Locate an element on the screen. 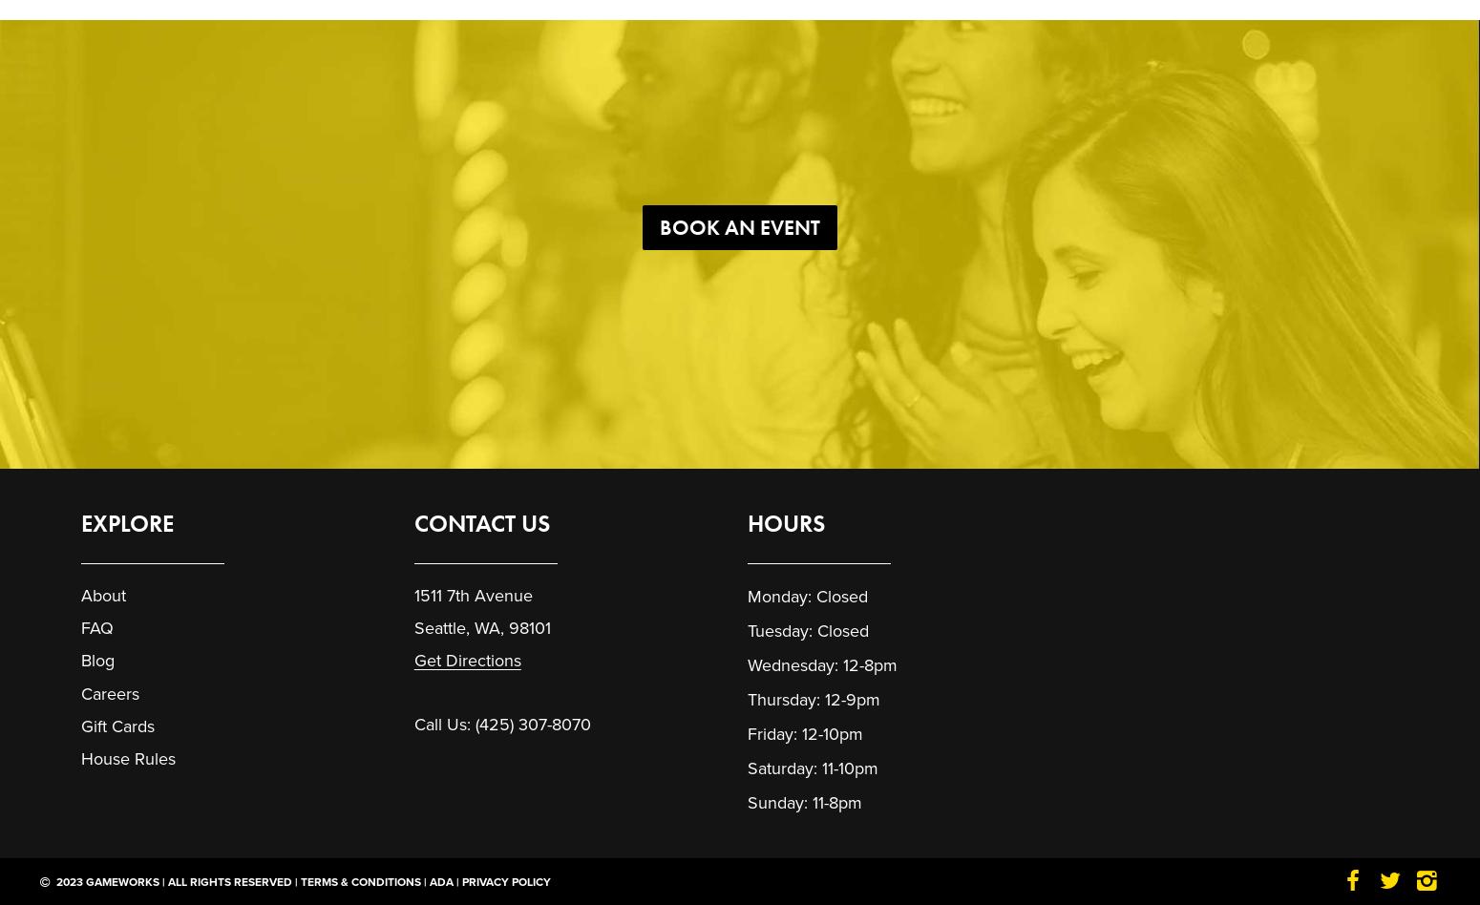 The image size is (1480, 905). 'House Rules' is located at coordinates (128, 758).